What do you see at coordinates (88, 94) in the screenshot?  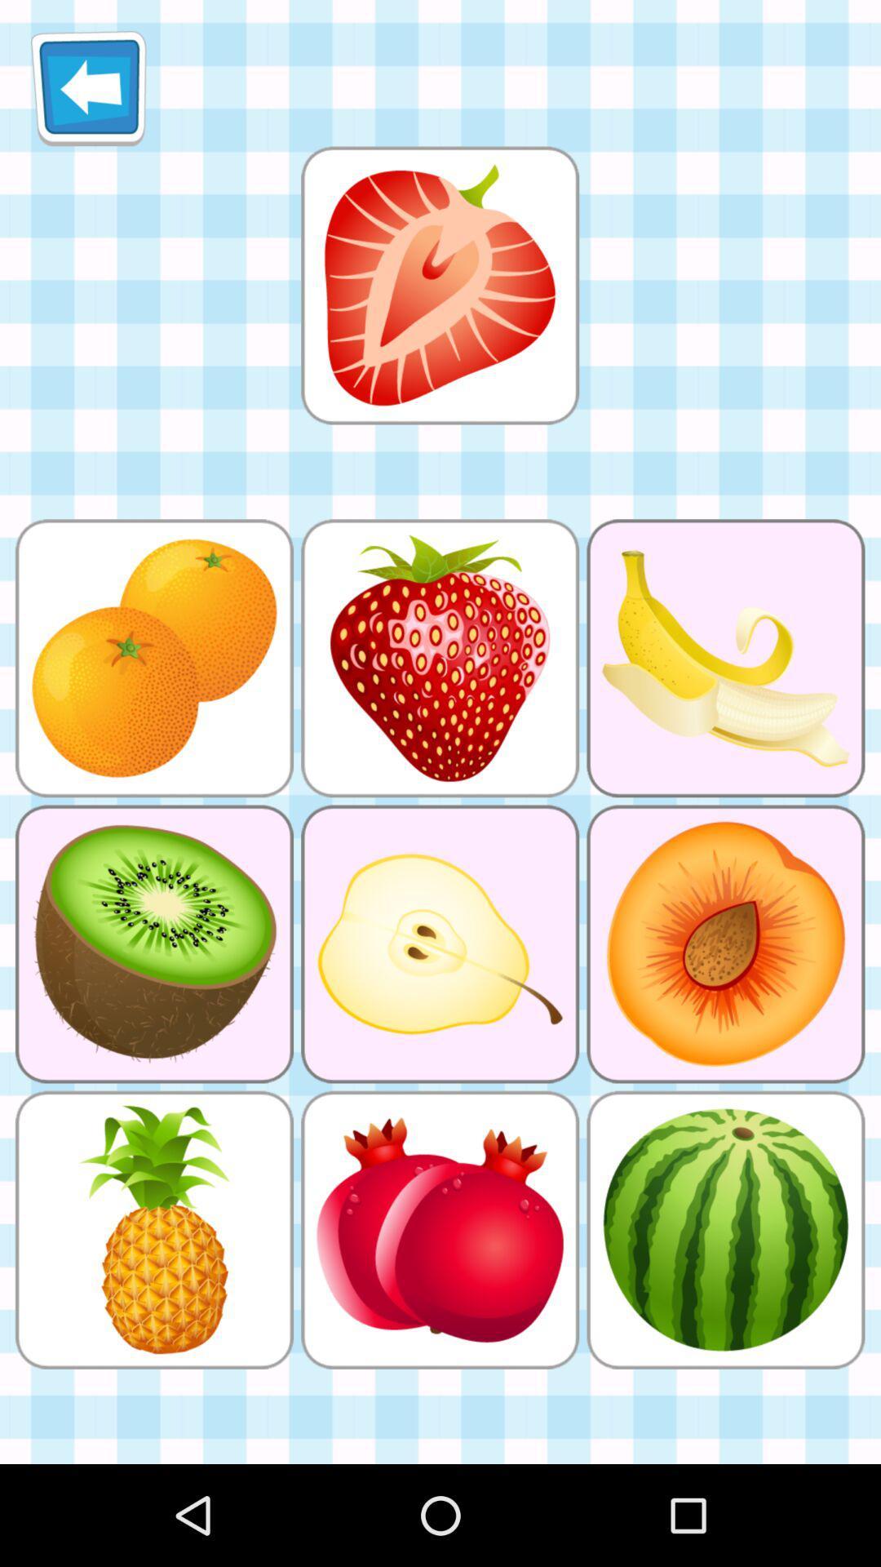 I see `the arrow_backward icon` at bounding box center [88, 94].